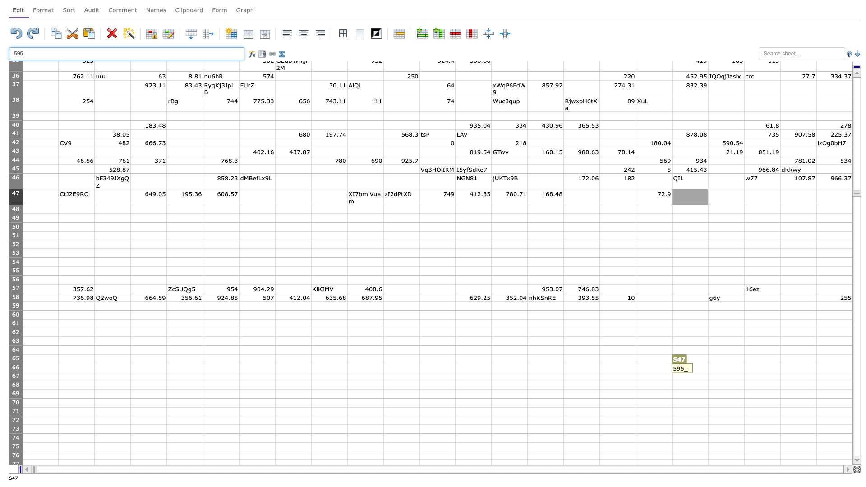  What do you see at coordinates (779, 381) in the screenshot?
I see `fill handle of U67` at bounding box center [779, 381].